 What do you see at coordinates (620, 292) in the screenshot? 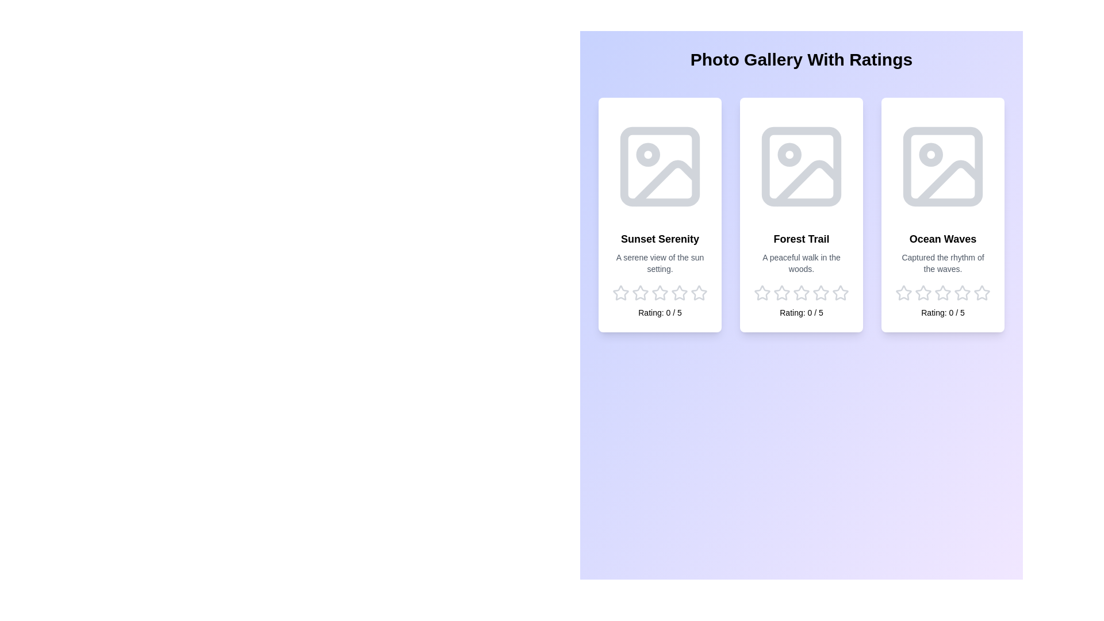
I see `the star corresponding to the rating 1 for the image Sunset Serenity` at bounding box center [620, 292].